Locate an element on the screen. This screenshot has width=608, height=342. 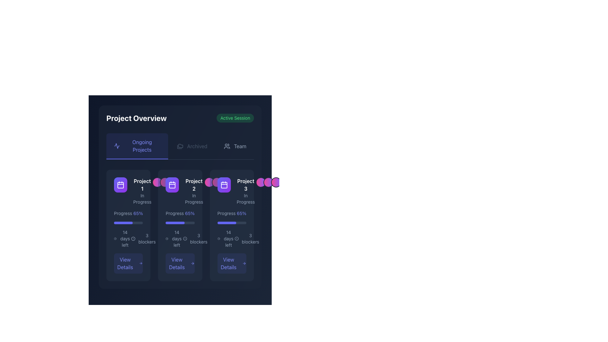
the text label within the 'View Details' button for 'Project 3', located at the bottom section of the button in the rightmost position among visible project cards is located at coordinates (228, 263).